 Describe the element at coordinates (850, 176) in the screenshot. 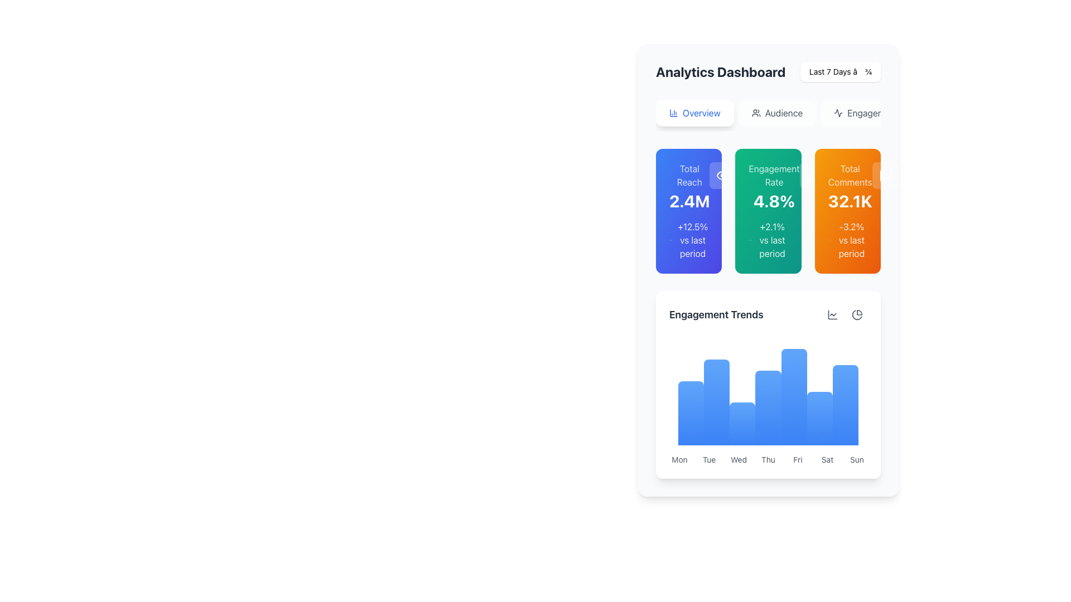

I see `the static text label 'Total Comments' located at the top of the rightmost orange card, positioned above the bold text '32.1K'` at that location.